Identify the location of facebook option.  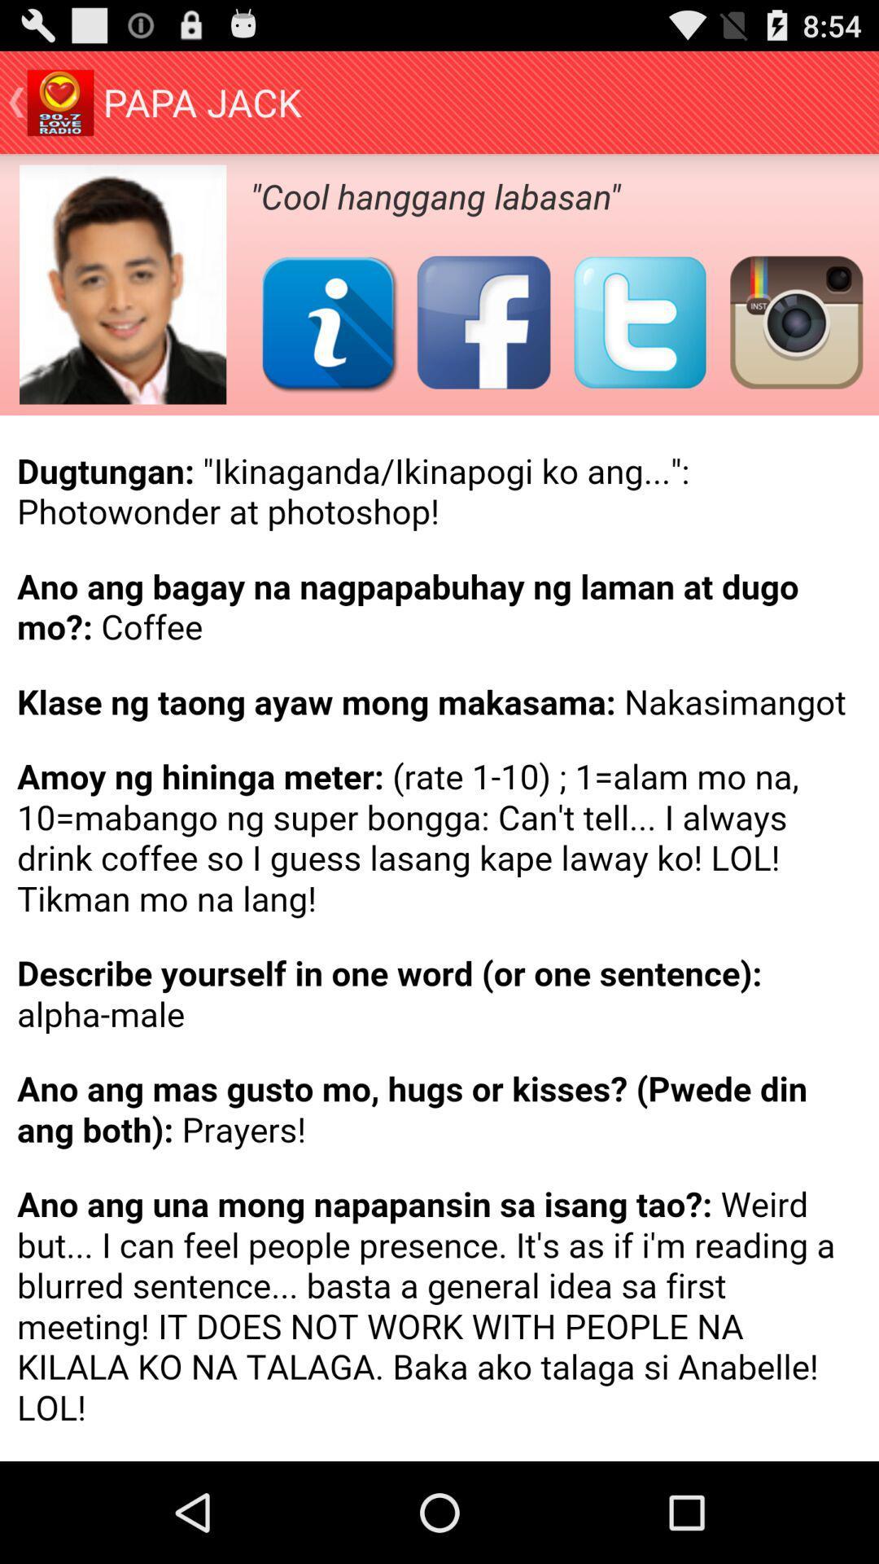
(483, 322).